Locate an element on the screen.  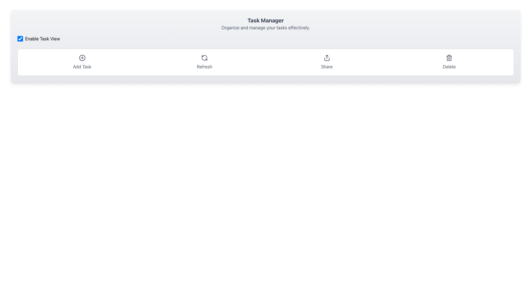
the Text block titled 'Task Manager' which includes the subtitle 'Organize and manage your tasks effectively.' is located at coordinates (265, 23).